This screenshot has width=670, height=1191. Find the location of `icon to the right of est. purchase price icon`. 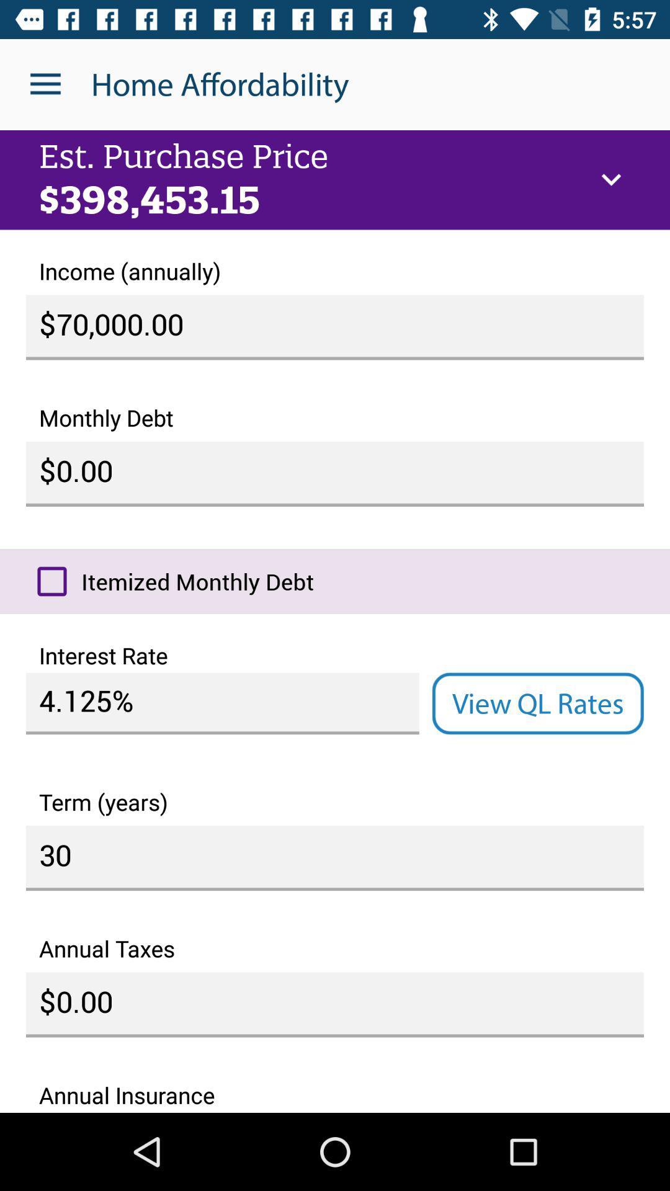

icon to the right of est. purchase price icon is located at coordinates (610, 179).